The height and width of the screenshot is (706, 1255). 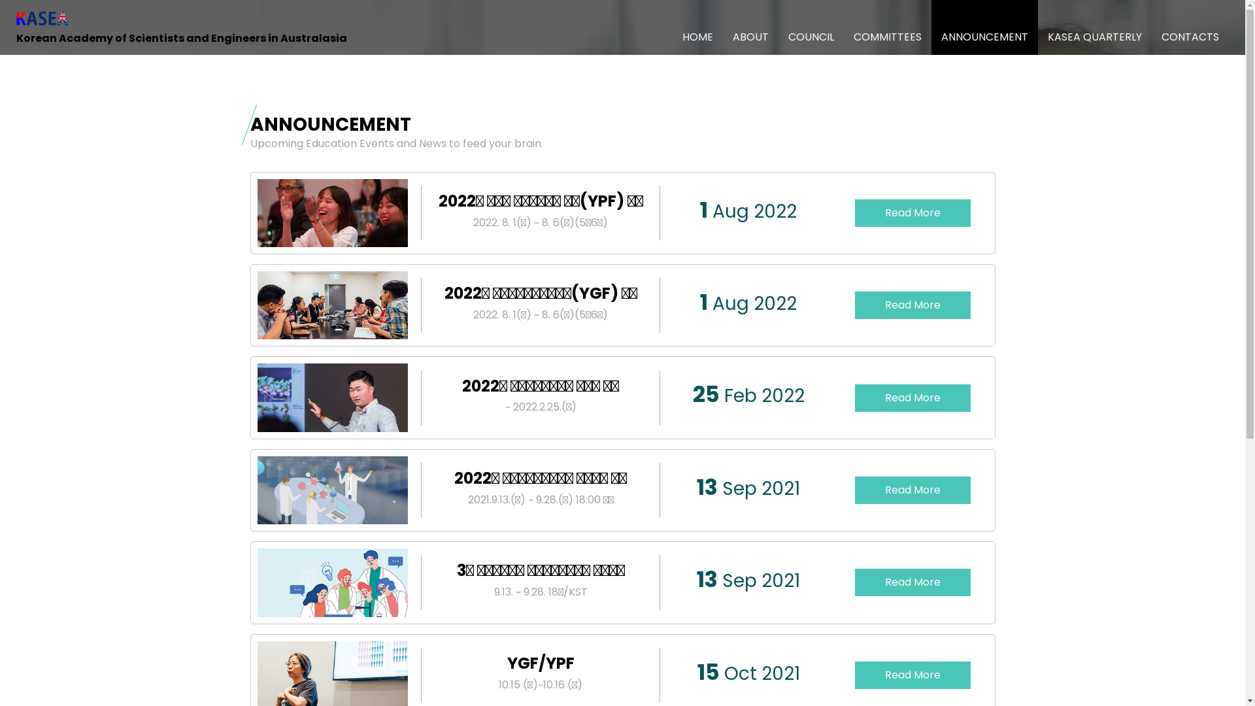 What do you see at coordinates (672, 27) in the screenshot?
I see `'HOME'` at bounding box center [672, 27].